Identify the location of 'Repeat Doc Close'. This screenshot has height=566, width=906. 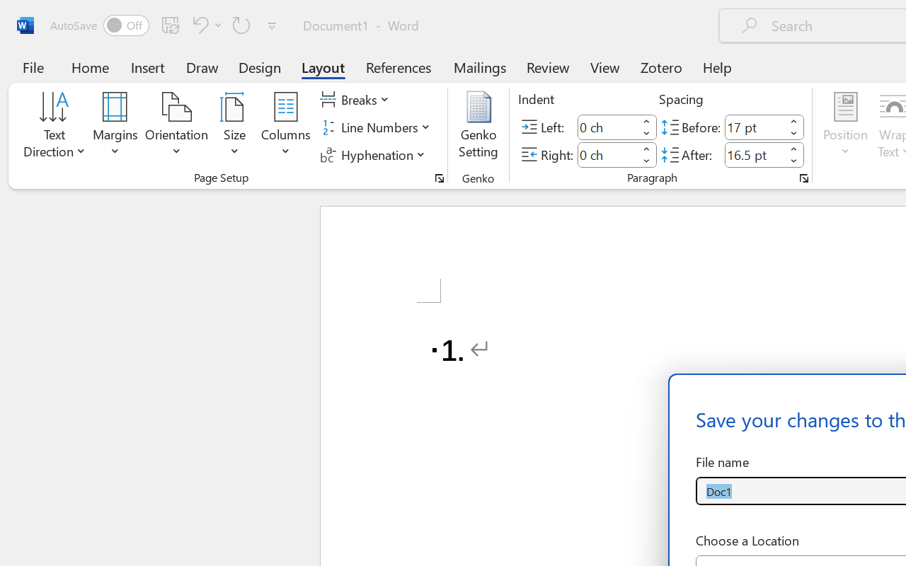
(241, 24).